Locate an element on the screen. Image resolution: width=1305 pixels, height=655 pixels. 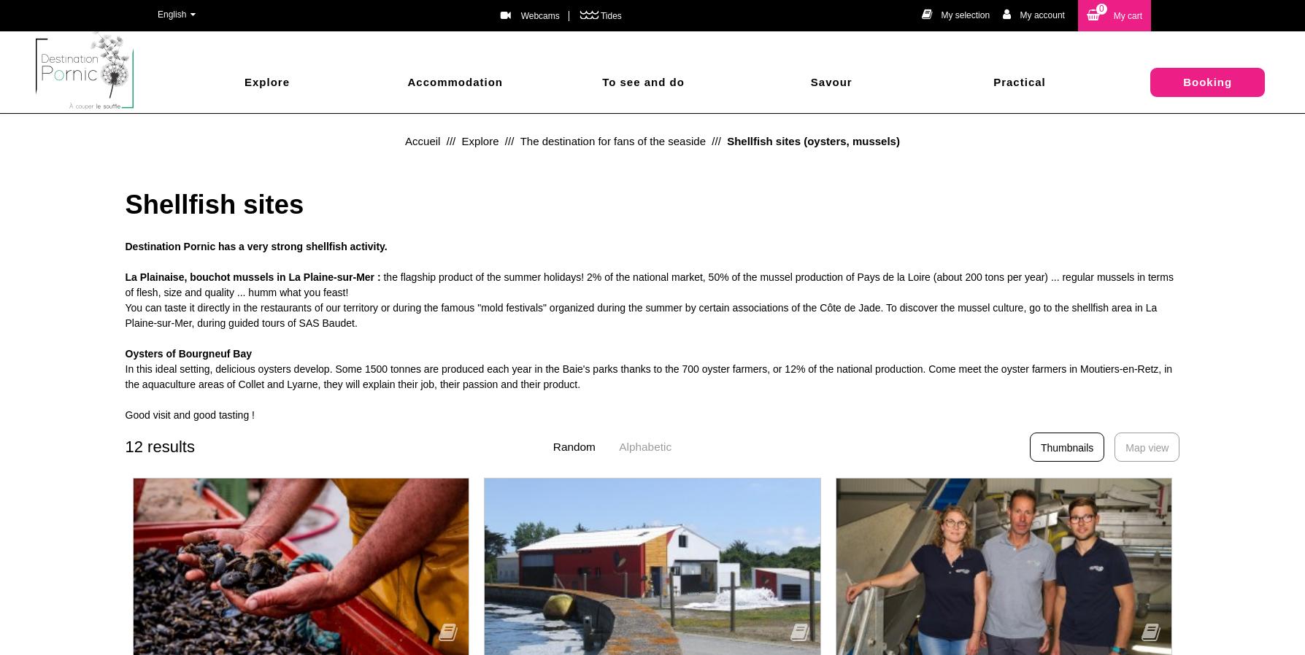
'Shellfish sites (oysters, mussels)' is located at coordinates (726, 140).